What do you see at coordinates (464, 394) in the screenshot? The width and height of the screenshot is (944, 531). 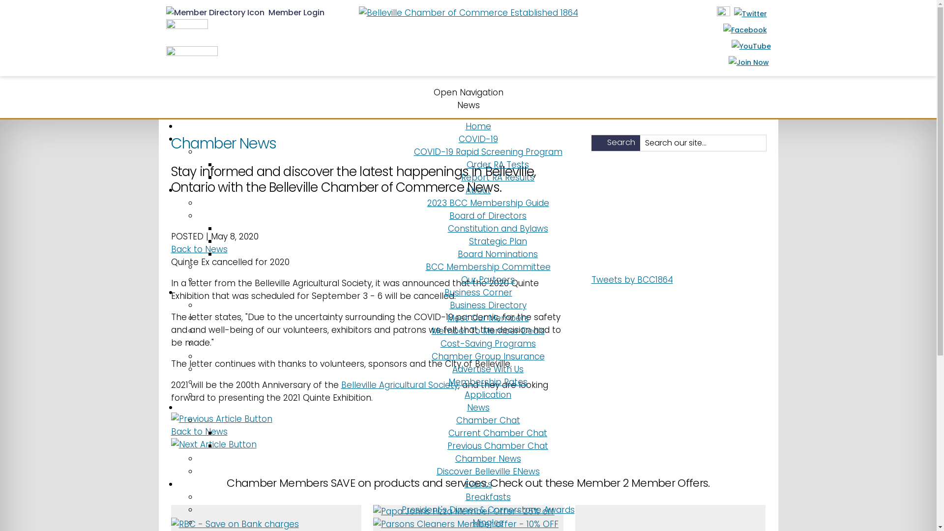 I see `'Application'` at bounding box center [464, 394].